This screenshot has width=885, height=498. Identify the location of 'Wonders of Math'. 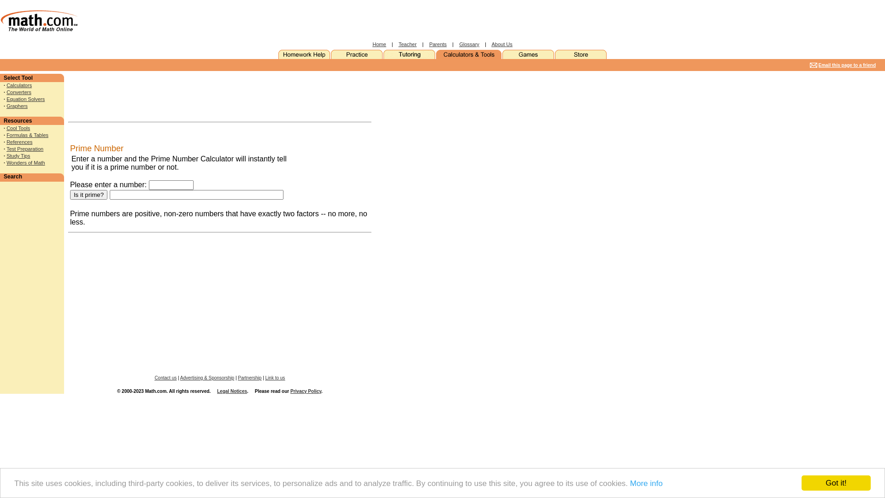
(26, 162).